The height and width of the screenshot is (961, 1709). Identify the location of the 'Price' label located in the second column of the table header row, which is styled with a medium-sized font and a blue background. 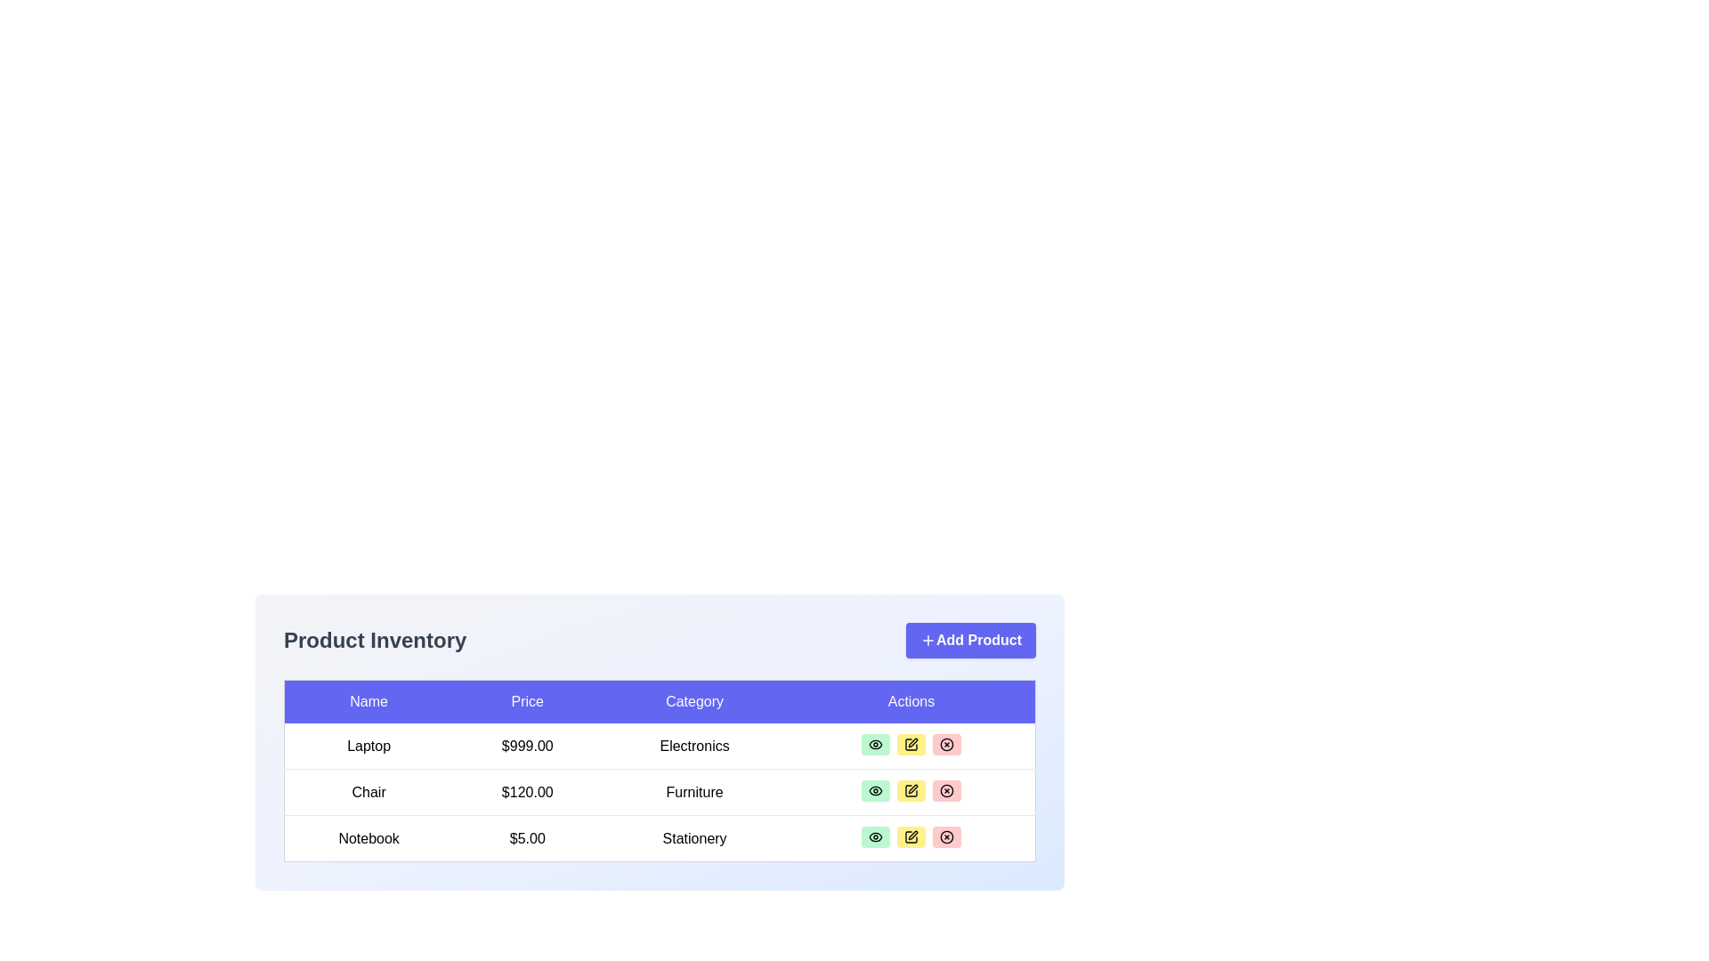
(526, 700).